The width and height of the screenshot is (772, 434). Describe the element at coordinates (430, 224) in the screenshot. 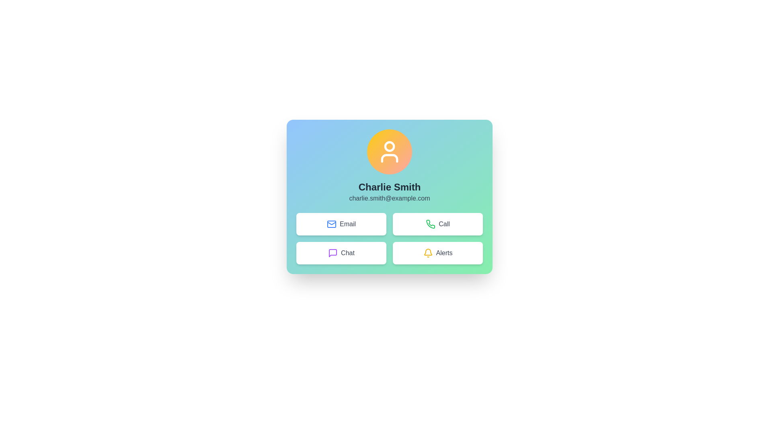

I see `the green phone icon located at the top right corner of the 'Call' button, which represents the call feature` at that location.